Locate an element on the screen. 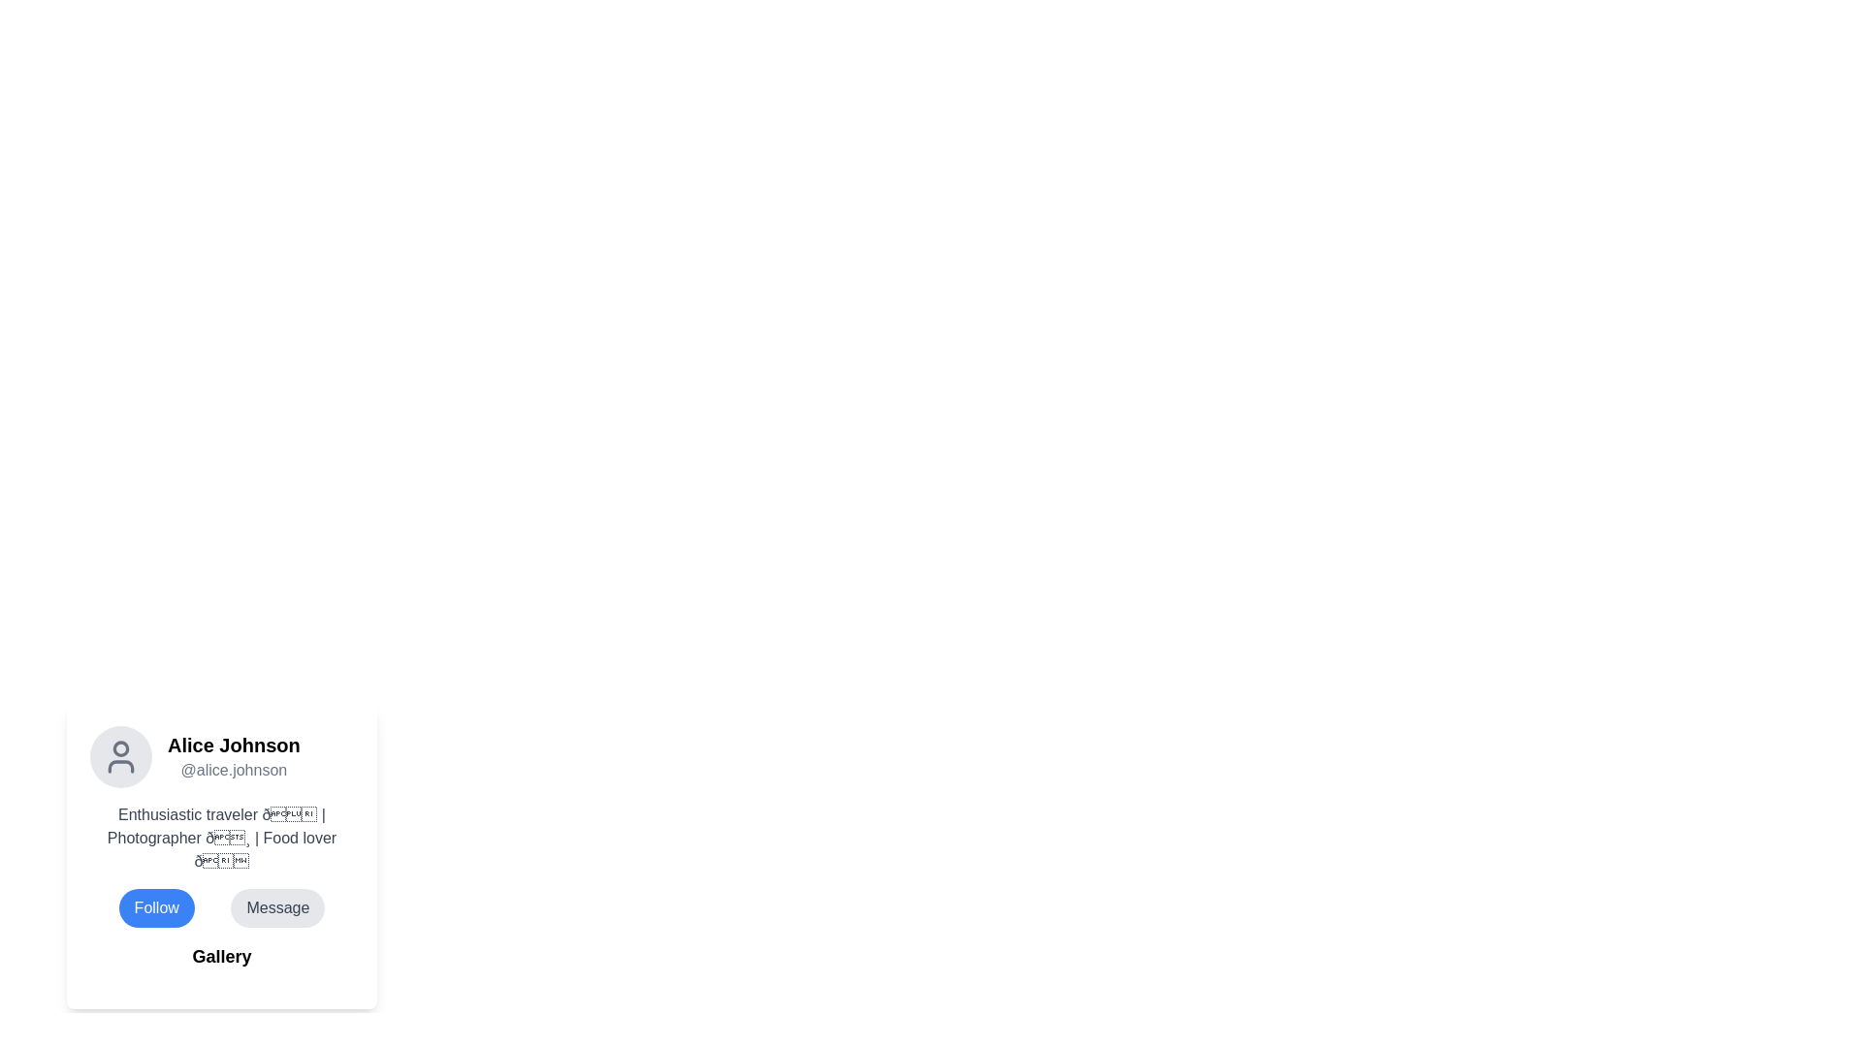 The width and height of the screenshot is (1862, 1047). descriptive text block containing interests such as 'Enthusiastic traveler', 'Photographer', and 'Food lover', located below the username and profile description section and above the 'Follow' and 'Message' buttons is located at coordinates (222, 837).